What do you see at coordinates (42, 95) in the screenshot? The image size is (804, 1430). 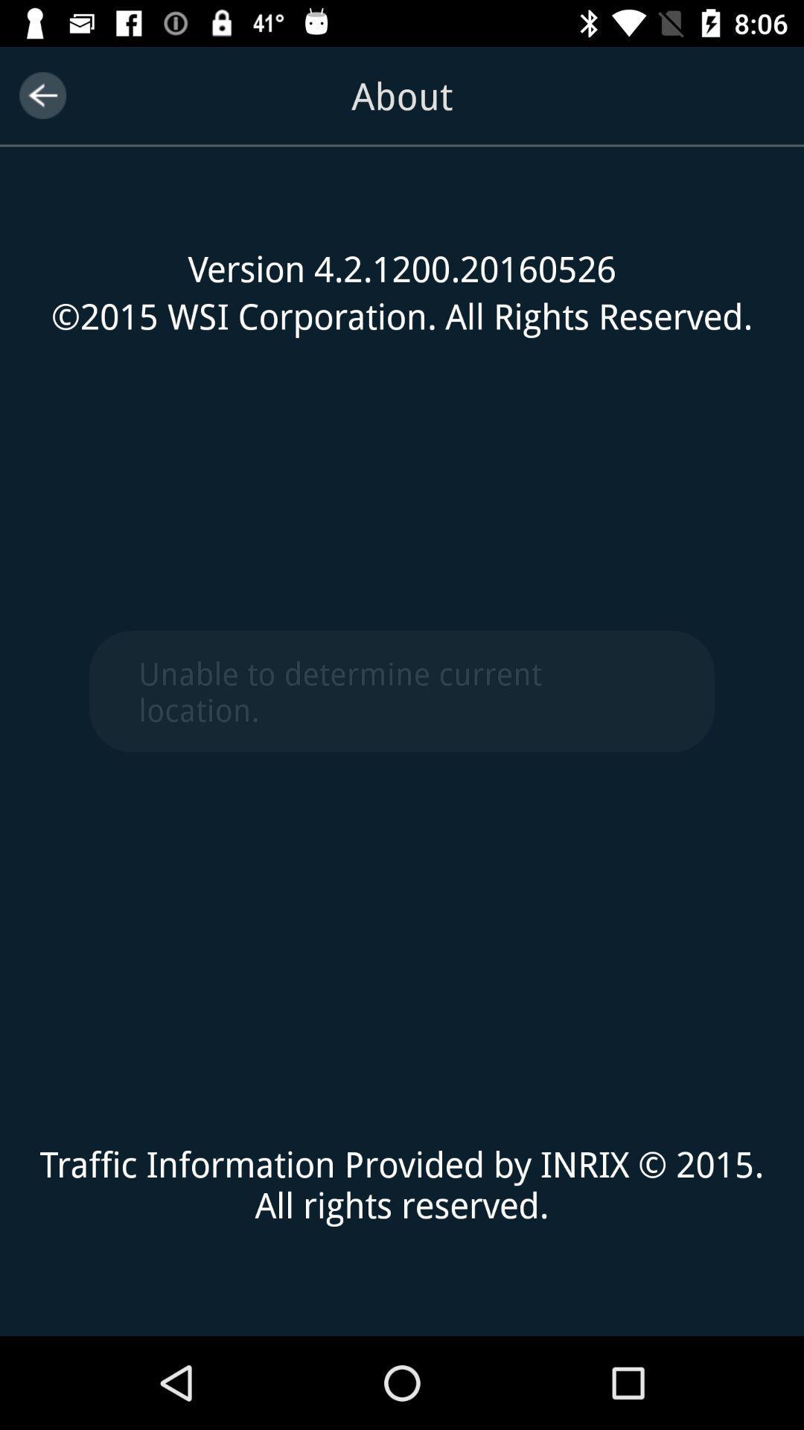 I see `the symbol which is at the immediate left of the about` at bounding box center [42, 95].